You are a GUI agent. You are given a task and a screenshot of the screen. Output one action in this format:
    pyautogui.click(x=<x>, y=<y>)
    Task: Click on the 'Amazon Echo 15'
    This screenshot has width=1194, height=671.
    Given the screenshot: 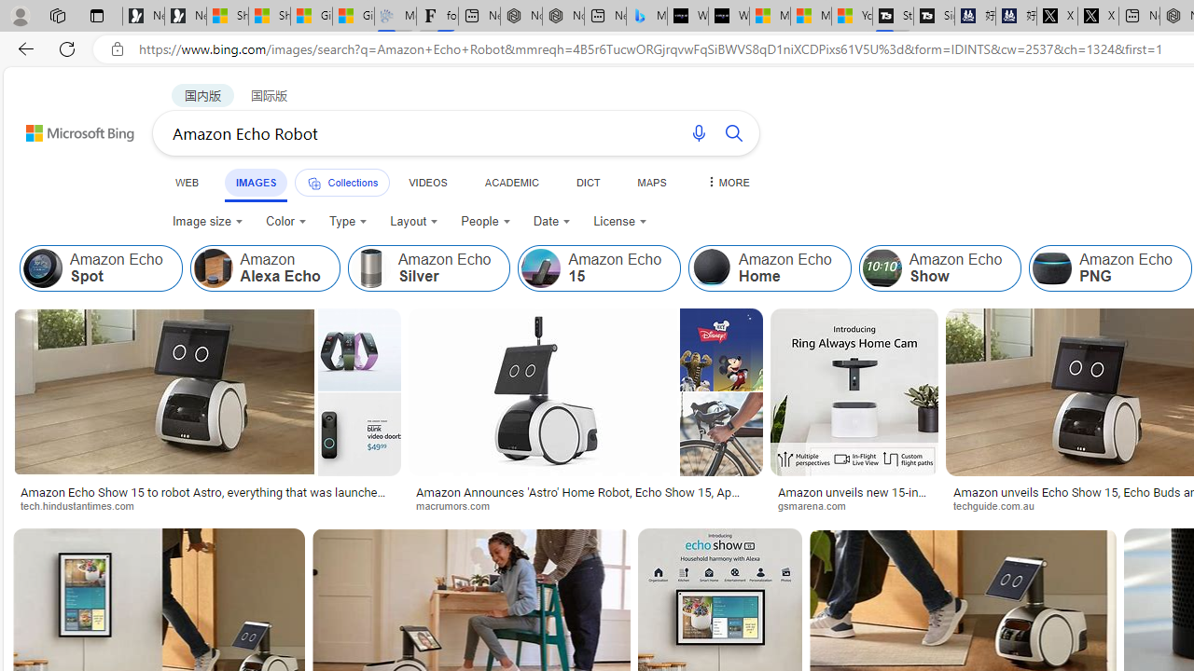 What is the action you would take?
    pyautogui.click(x=540, y=268)
    